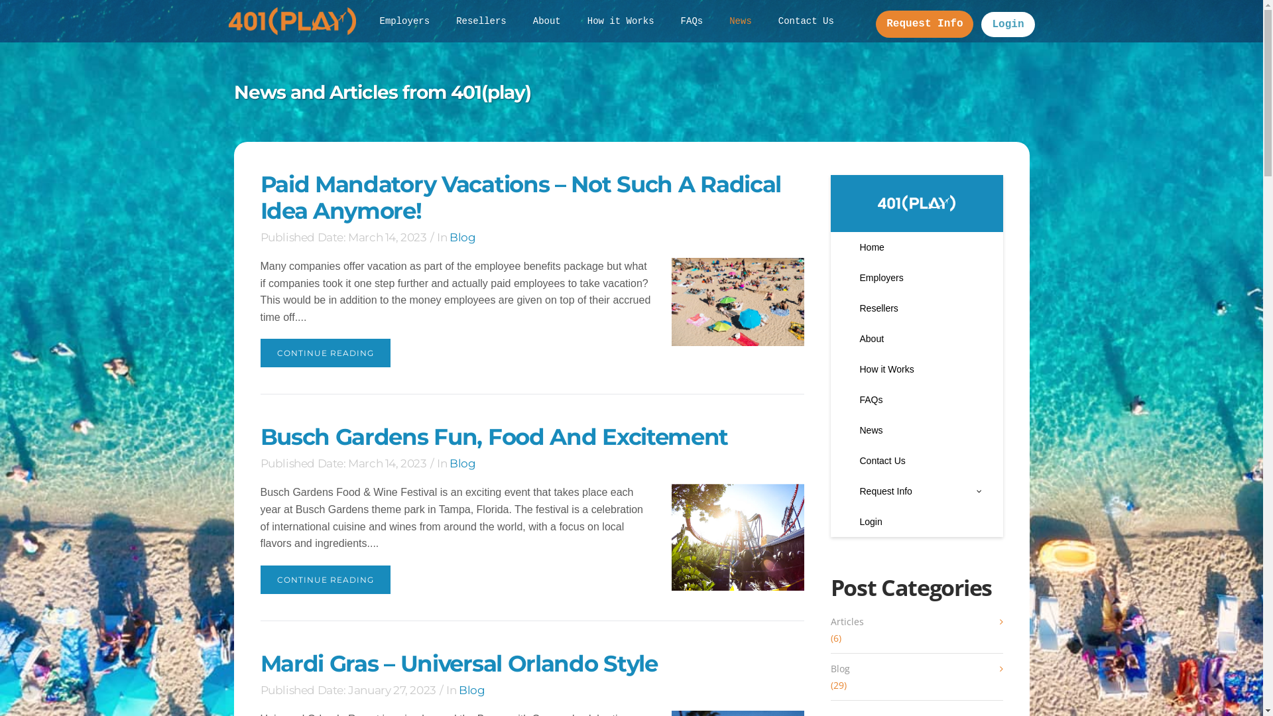  I want to click on 'Busch Gardens Fun, Food and Excitement', so click(737, 537).